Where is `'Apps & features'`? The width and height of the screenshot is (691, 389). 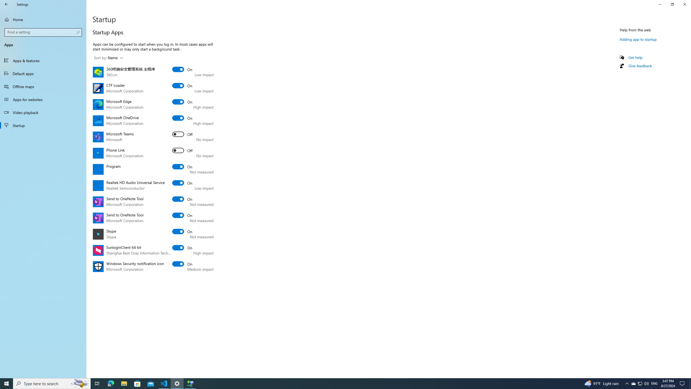
'Apps & features' is located at coordinates (43, 60).